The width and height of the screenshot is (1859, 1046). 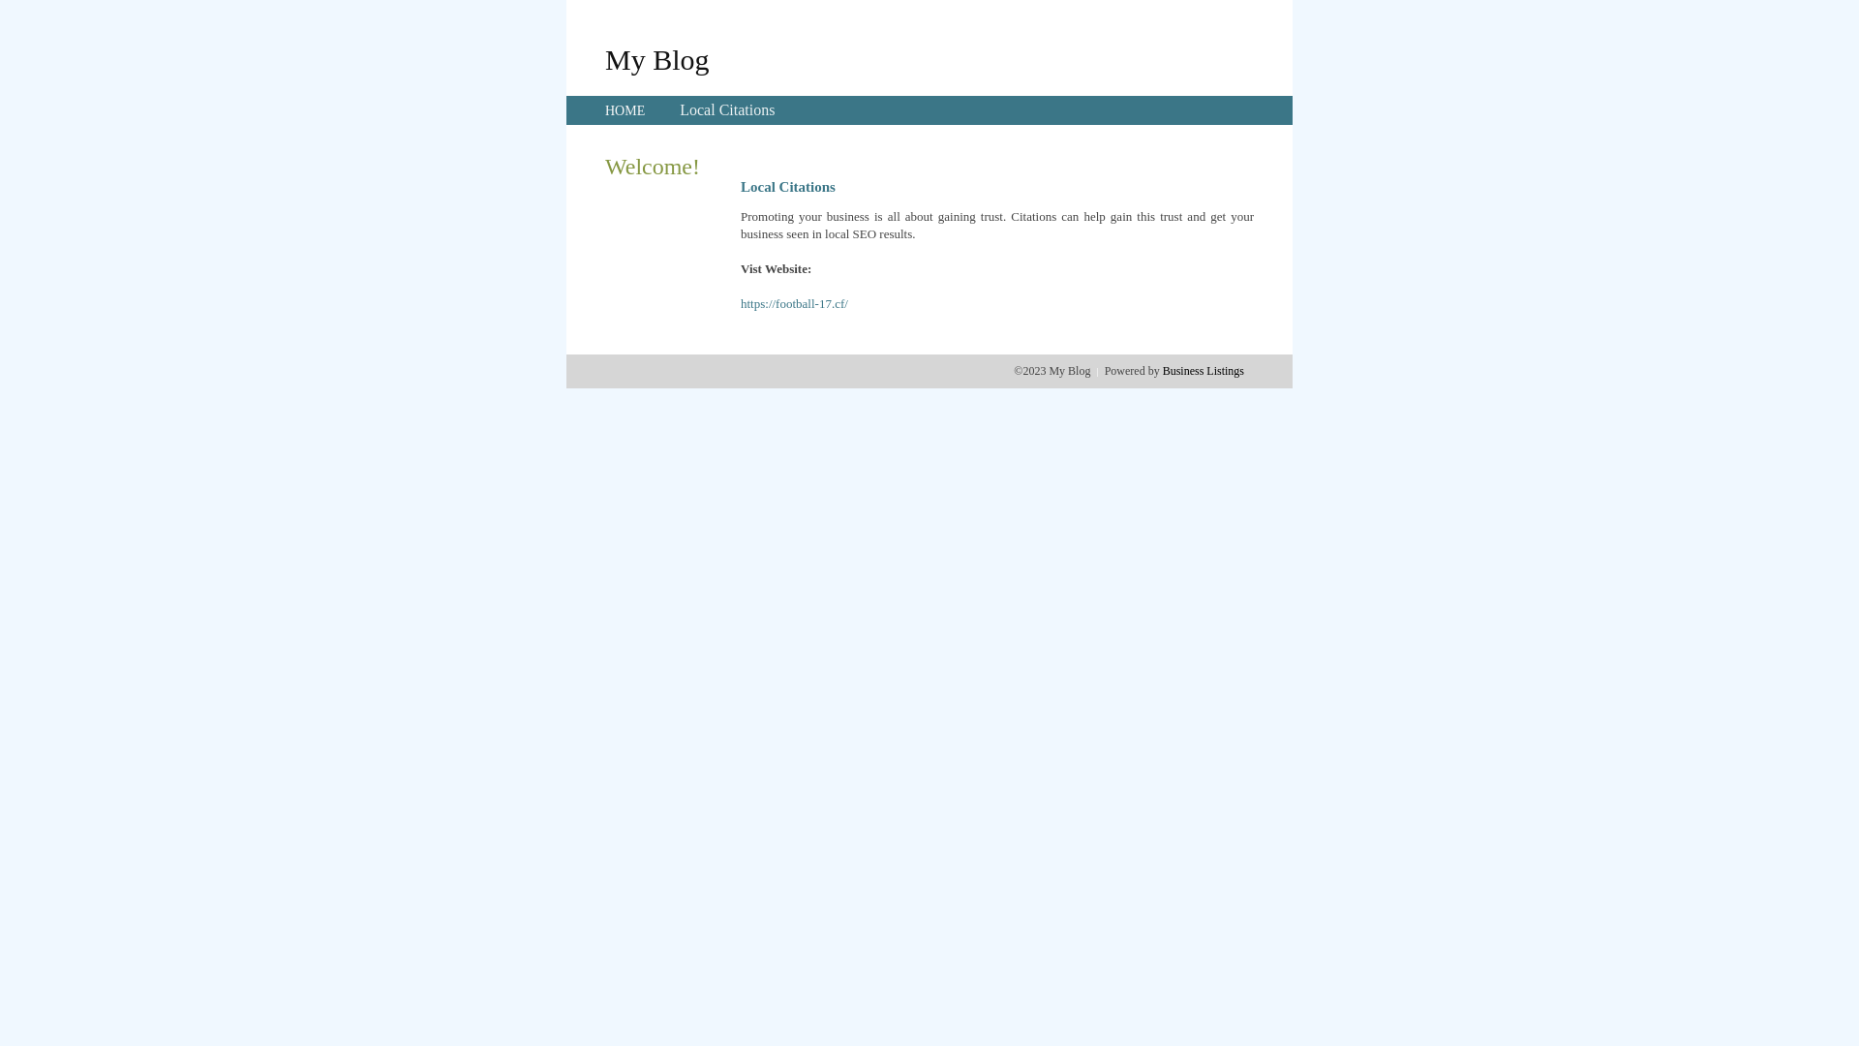 I want to click on 'My Blog', so click(x=603, y=58).